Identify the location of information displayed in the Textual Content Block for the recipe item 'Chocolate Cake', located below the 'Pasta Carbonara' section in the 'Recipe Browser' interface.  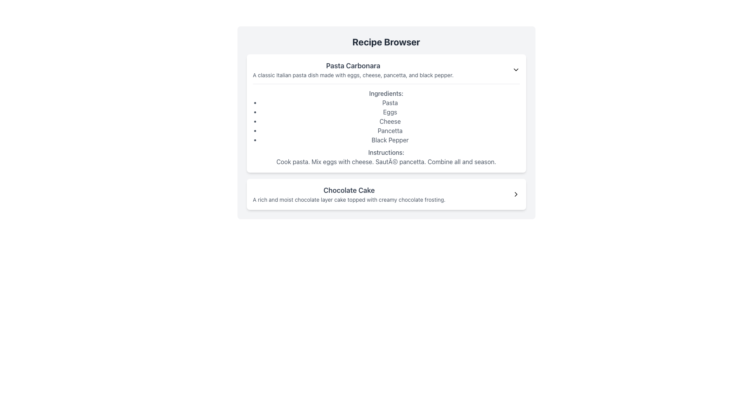
(348, 194).